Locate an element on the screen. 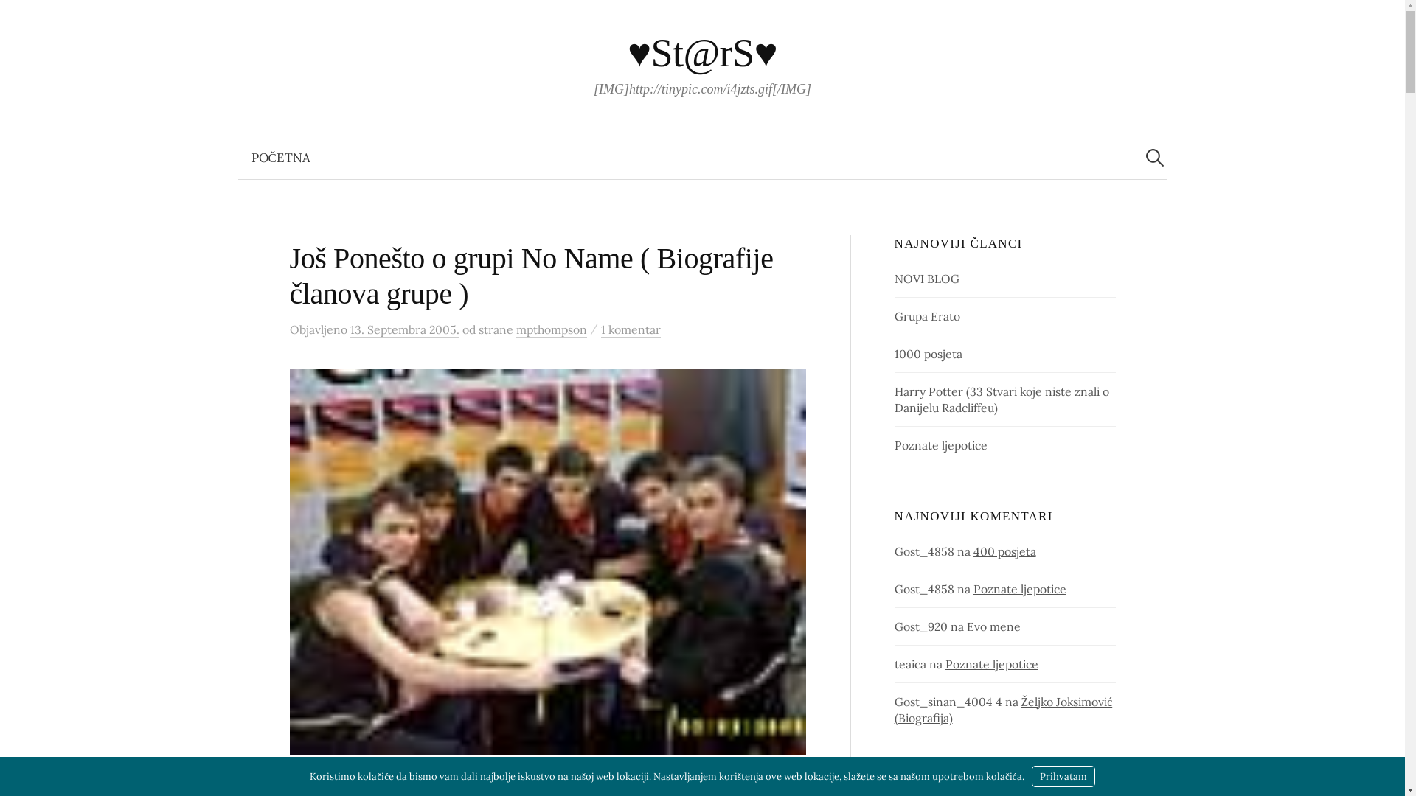  'Grupa Erato' is located at coordinates (926, 315).